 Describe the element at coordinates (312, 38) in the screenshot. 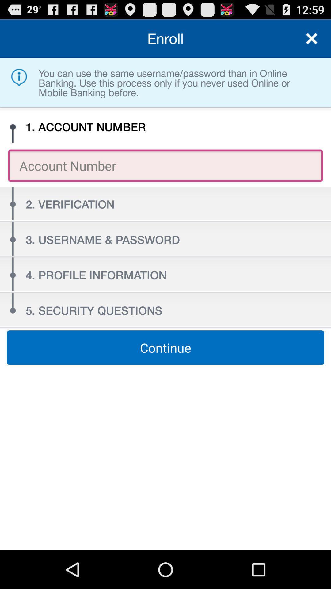

I see `item to the right of enroll item` at that location.